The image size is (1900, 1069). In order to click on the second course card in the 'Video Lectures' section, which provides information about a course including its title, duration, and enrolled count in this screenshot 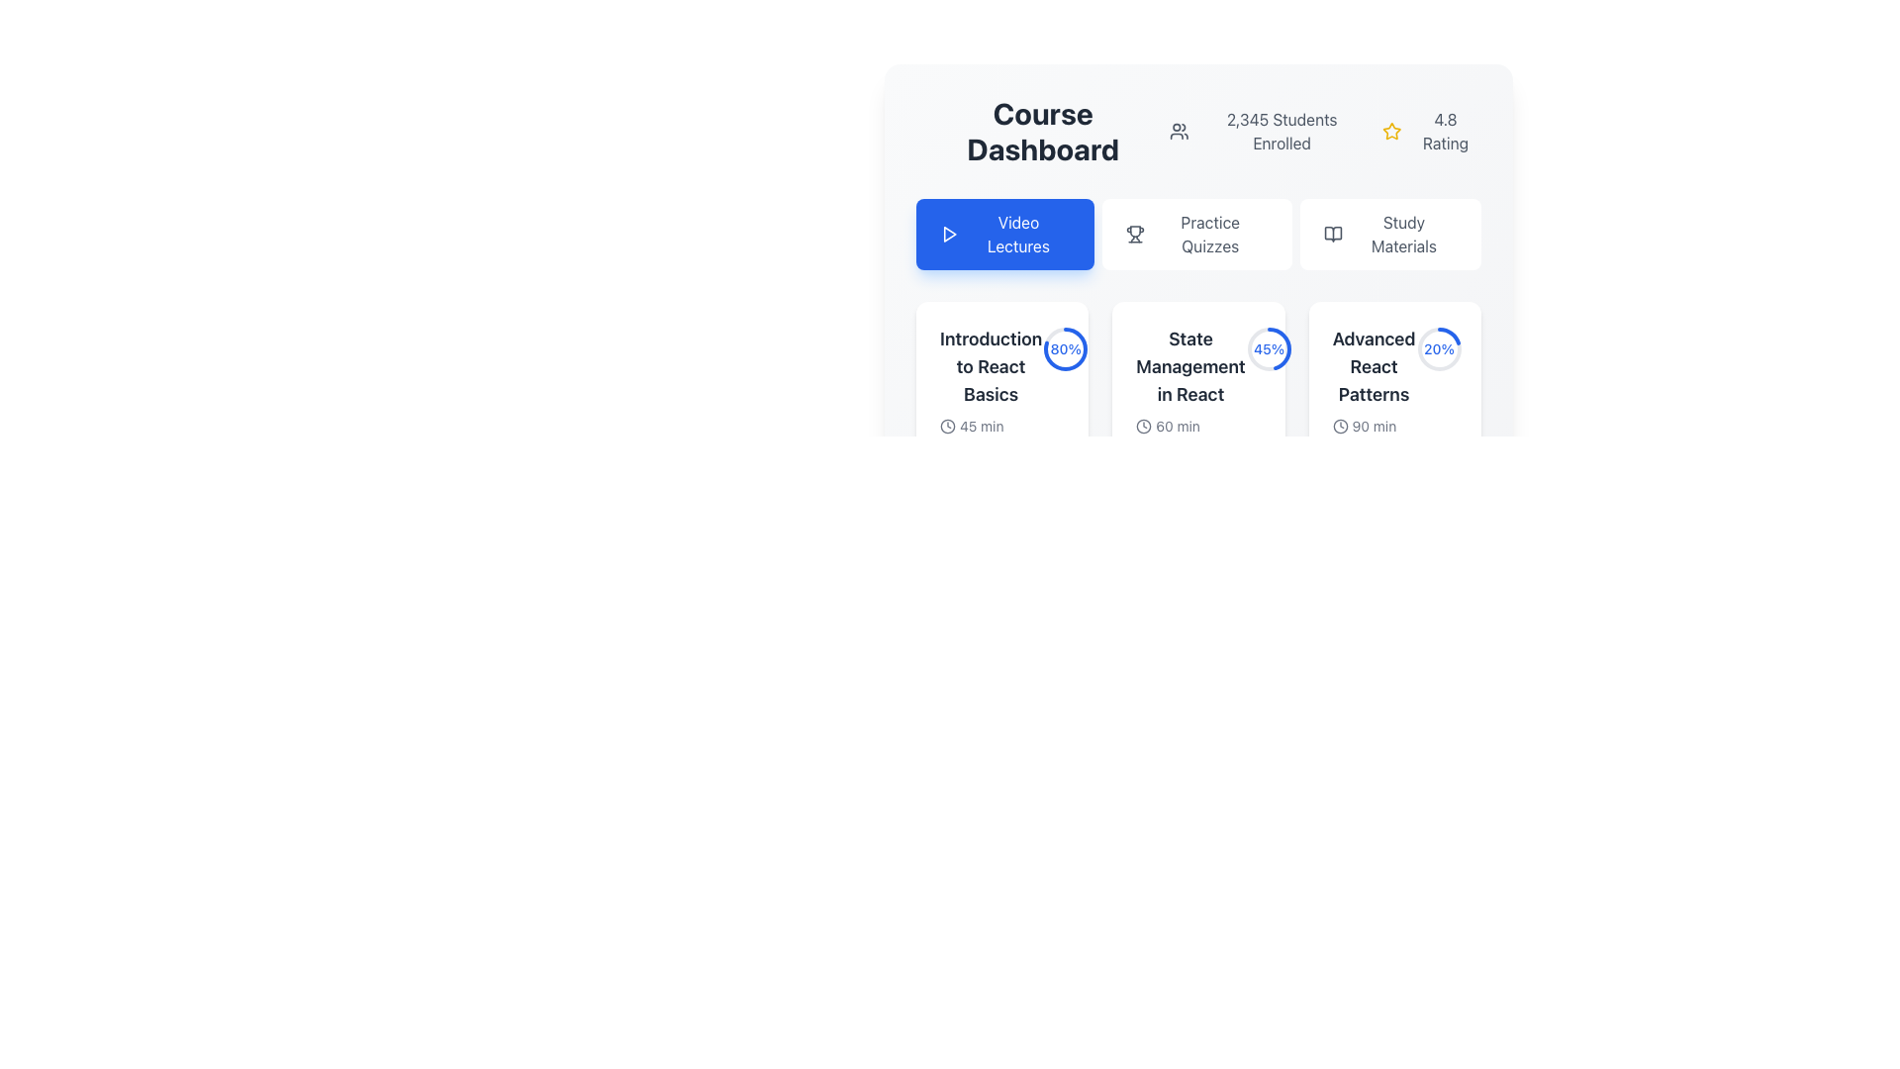, I will do `click(1197, 394)`.